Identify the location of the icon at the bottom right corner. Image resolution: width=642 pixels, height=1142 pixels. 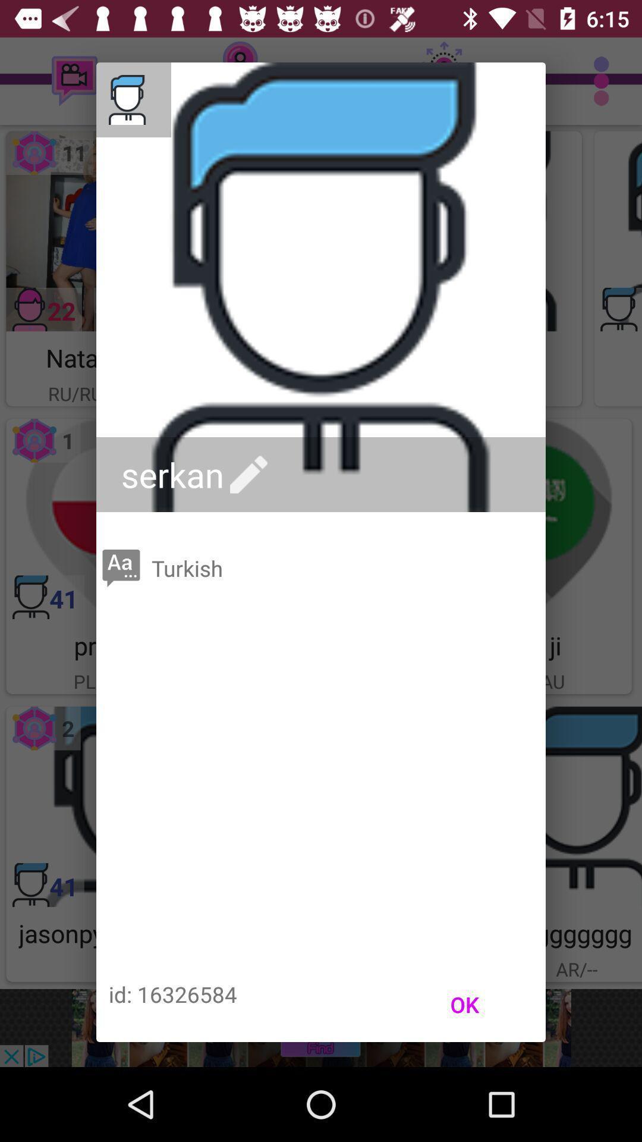
(464, 1004).